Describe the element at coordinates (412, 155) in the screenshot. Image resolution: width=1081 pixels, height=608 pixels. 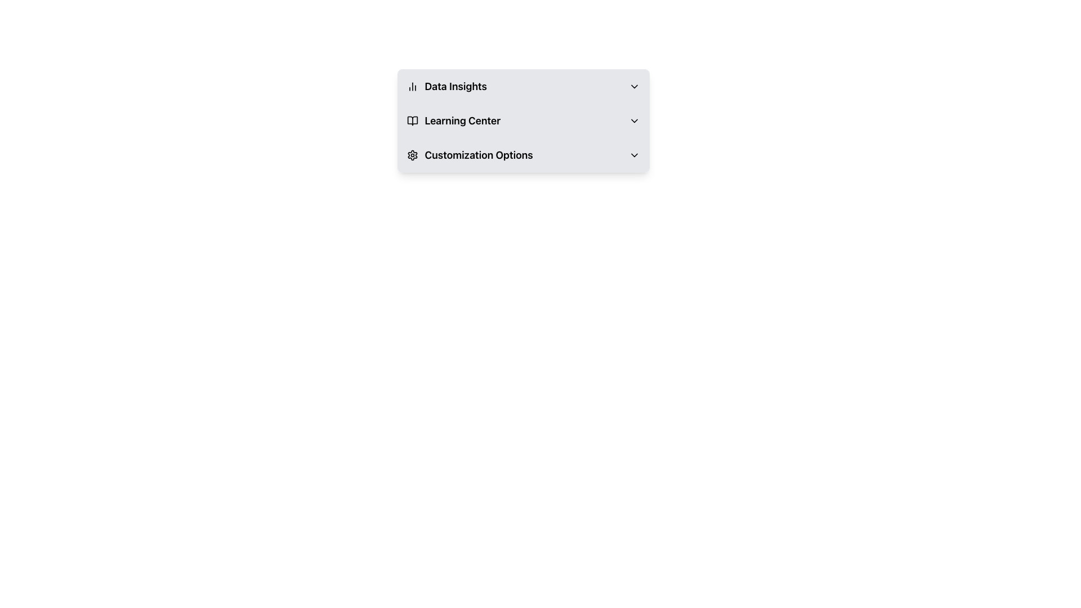
I see `the gear icon located before the text 'Customization Options' in the third row of the list-style layout` at that location.